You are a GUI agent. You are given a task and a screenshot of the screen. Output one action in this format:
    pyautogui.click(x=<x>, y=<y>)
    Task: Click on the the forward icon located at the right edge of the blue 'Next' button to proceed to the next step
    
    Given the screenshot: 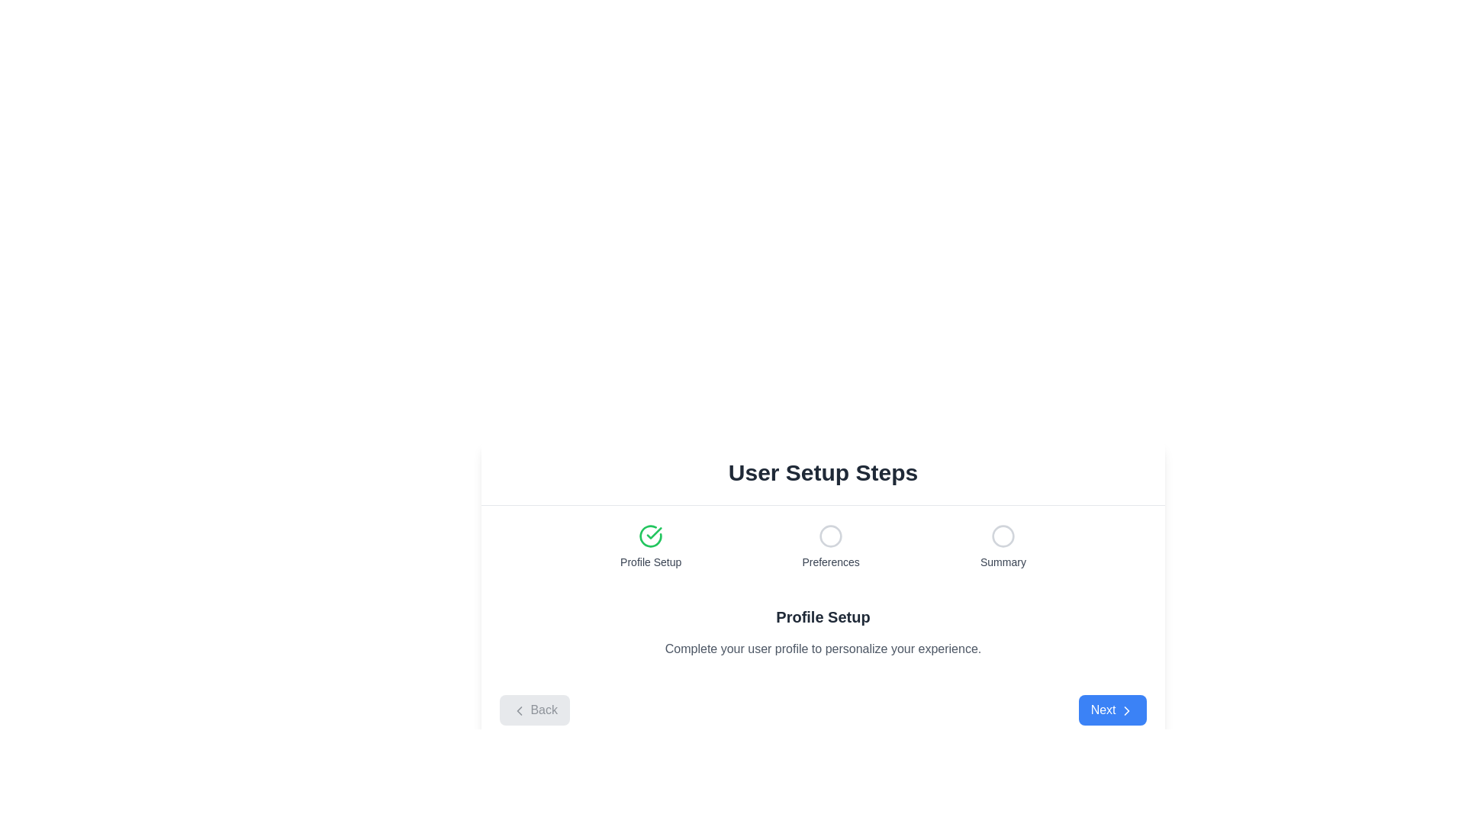 What is the action you would take?
    pyautogui.click(x=1127, y=710)
    